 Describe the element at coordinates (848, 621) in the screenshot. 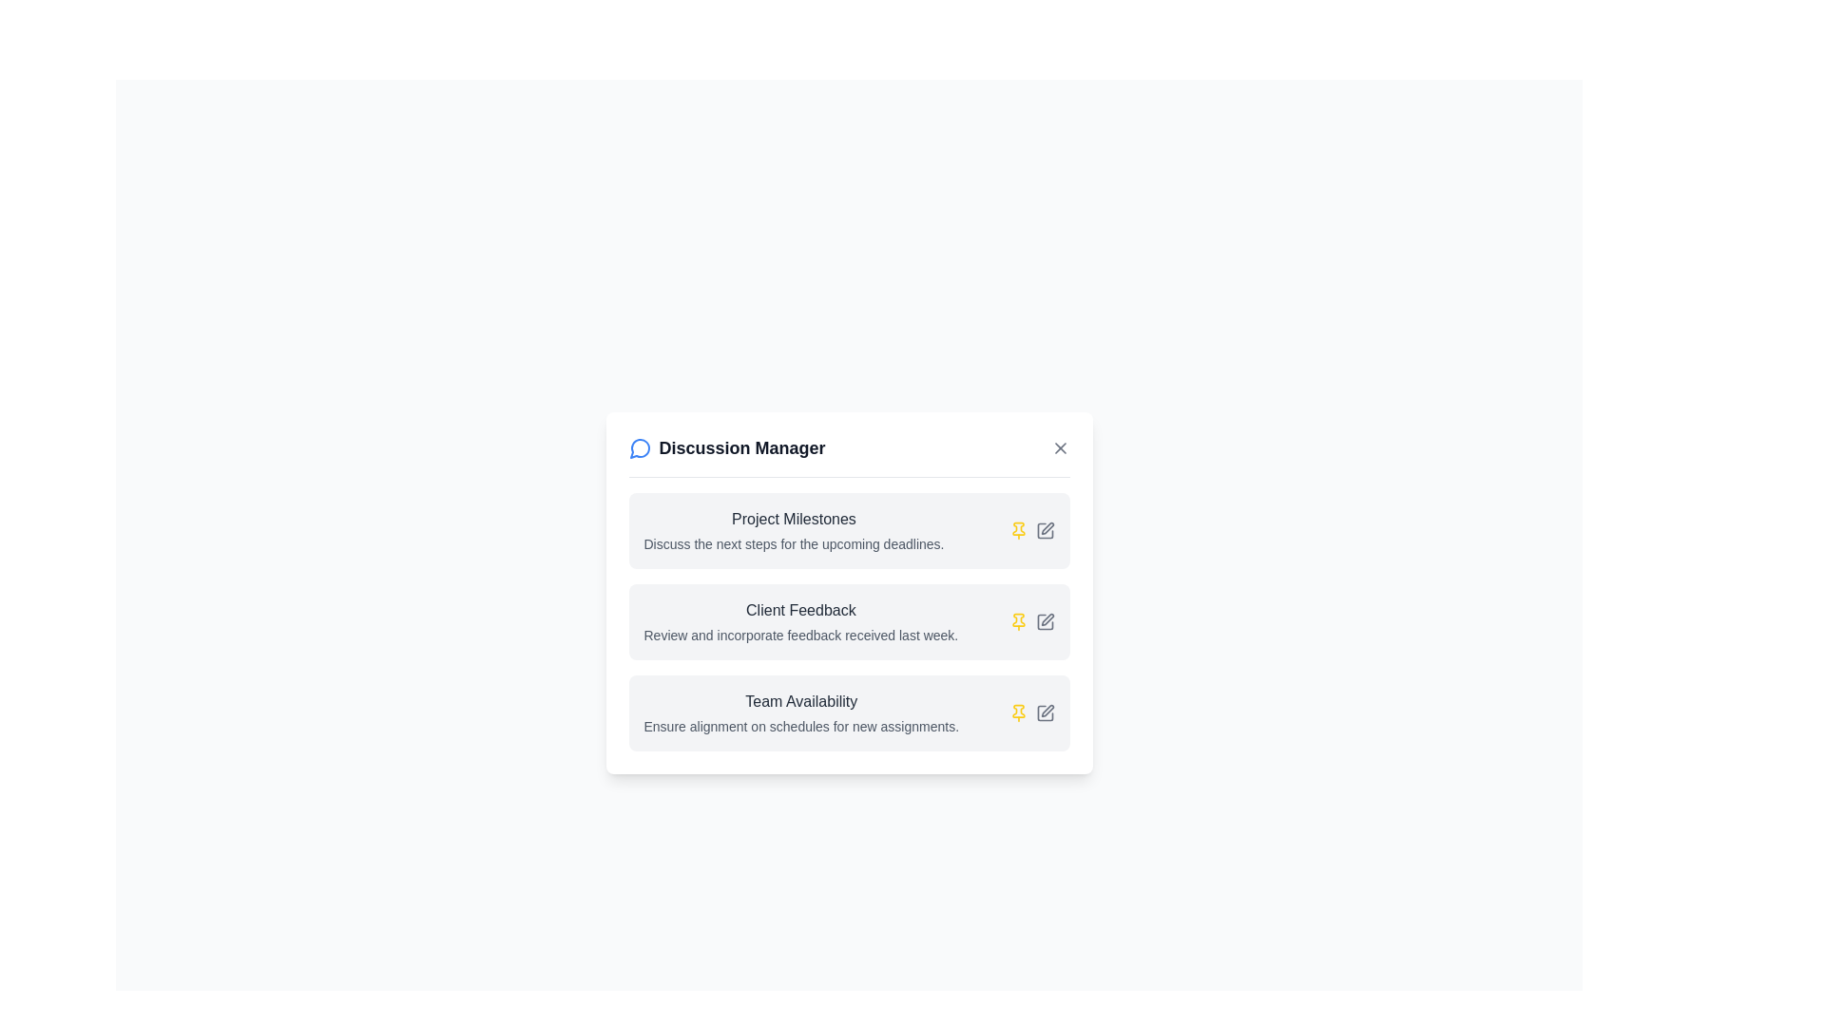

I see `the 'Client Feedback' section` at that location.